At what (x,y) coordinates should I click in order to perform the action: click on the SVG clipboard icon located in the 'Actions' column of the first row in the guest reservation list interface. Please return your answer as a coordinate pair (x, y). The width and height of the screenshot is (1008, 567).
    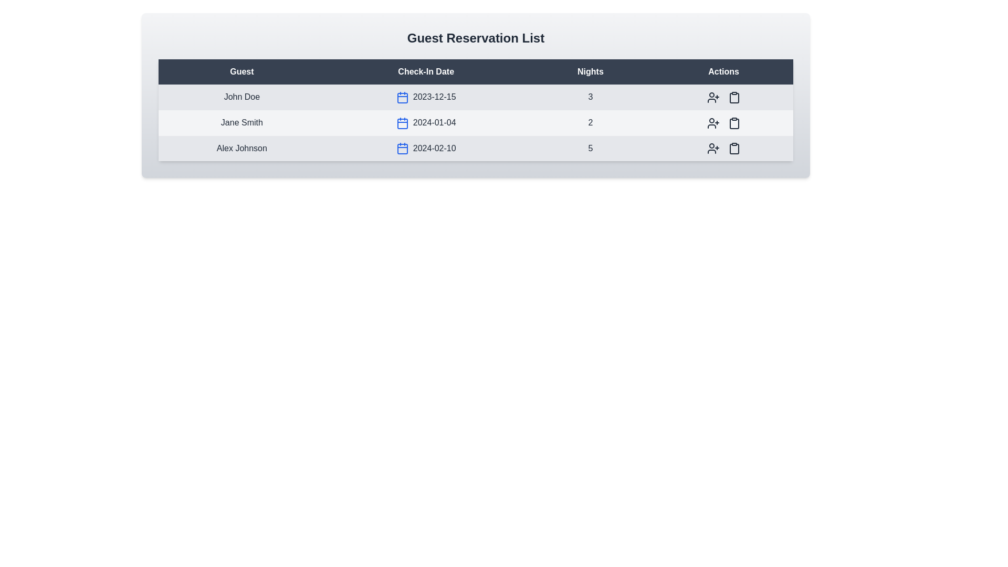
    Looking at the image, I should click on (733, 97).